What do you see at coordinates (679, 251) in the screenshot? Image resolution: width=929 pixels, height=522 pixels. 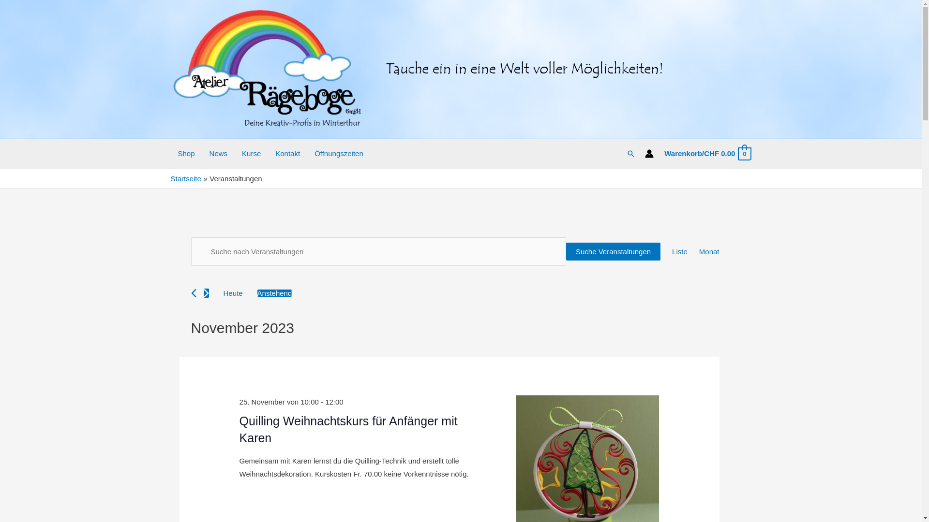 I see `'Liste'` at bounding box center [679, 251].